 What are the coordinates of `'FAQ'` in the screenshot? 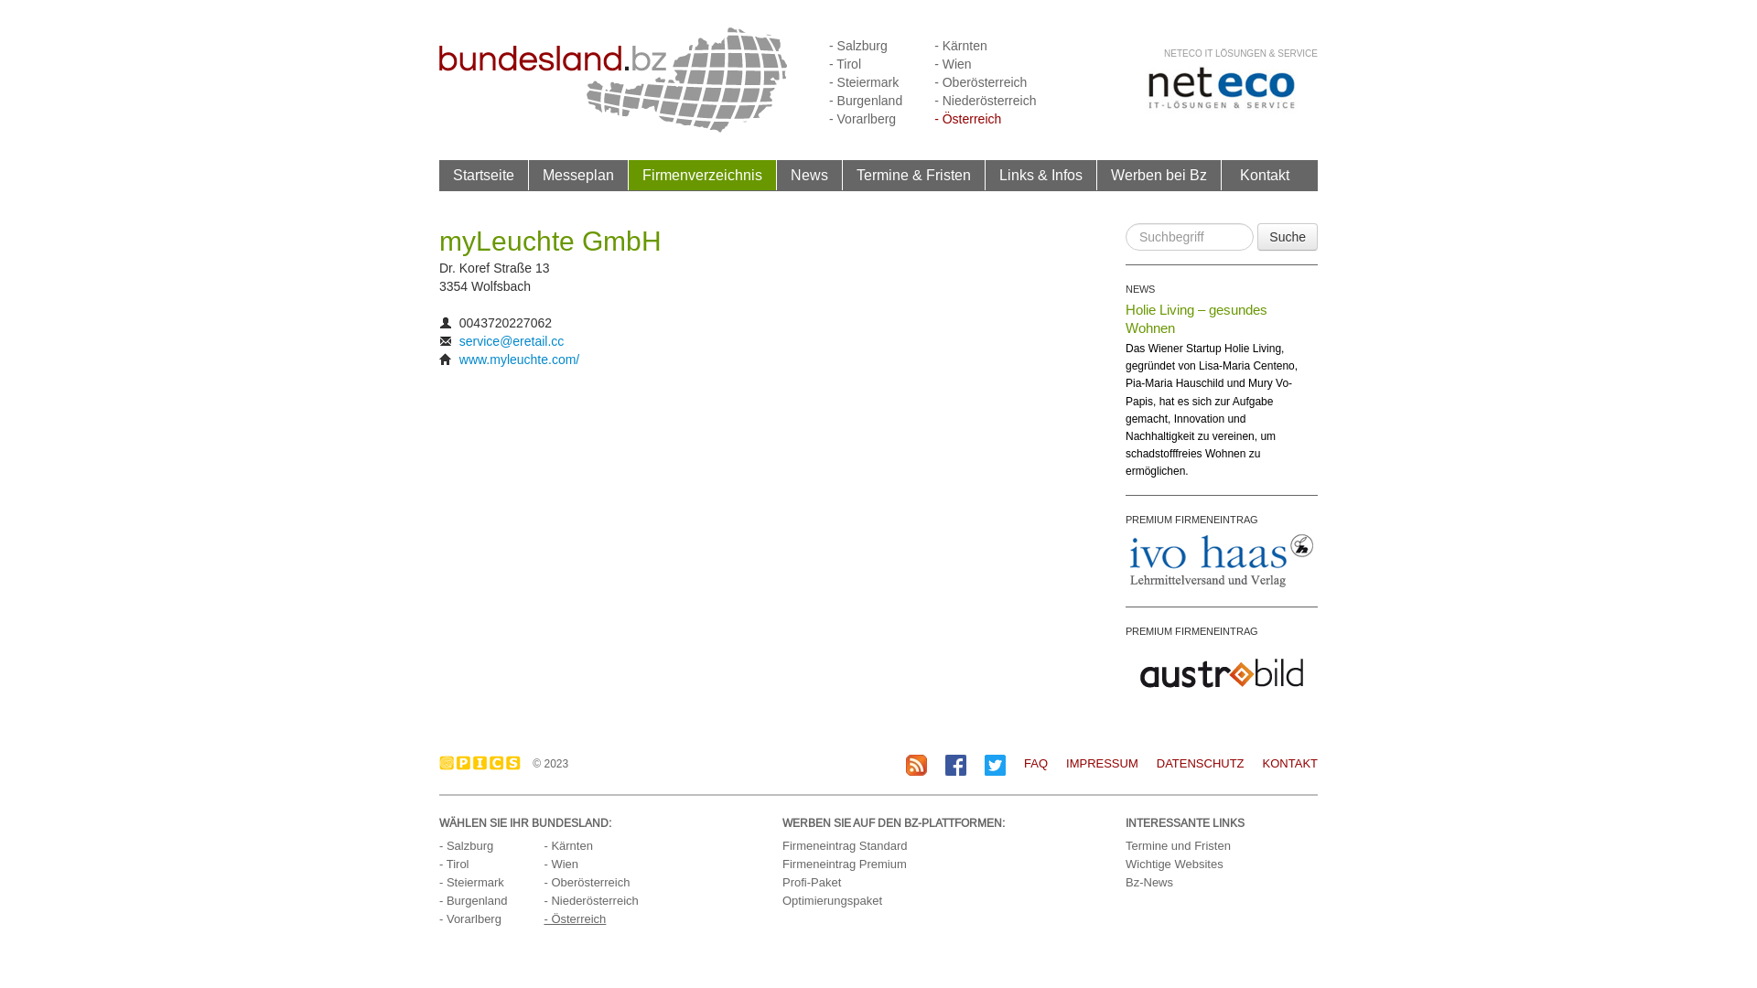 It's located at (1027, 762).